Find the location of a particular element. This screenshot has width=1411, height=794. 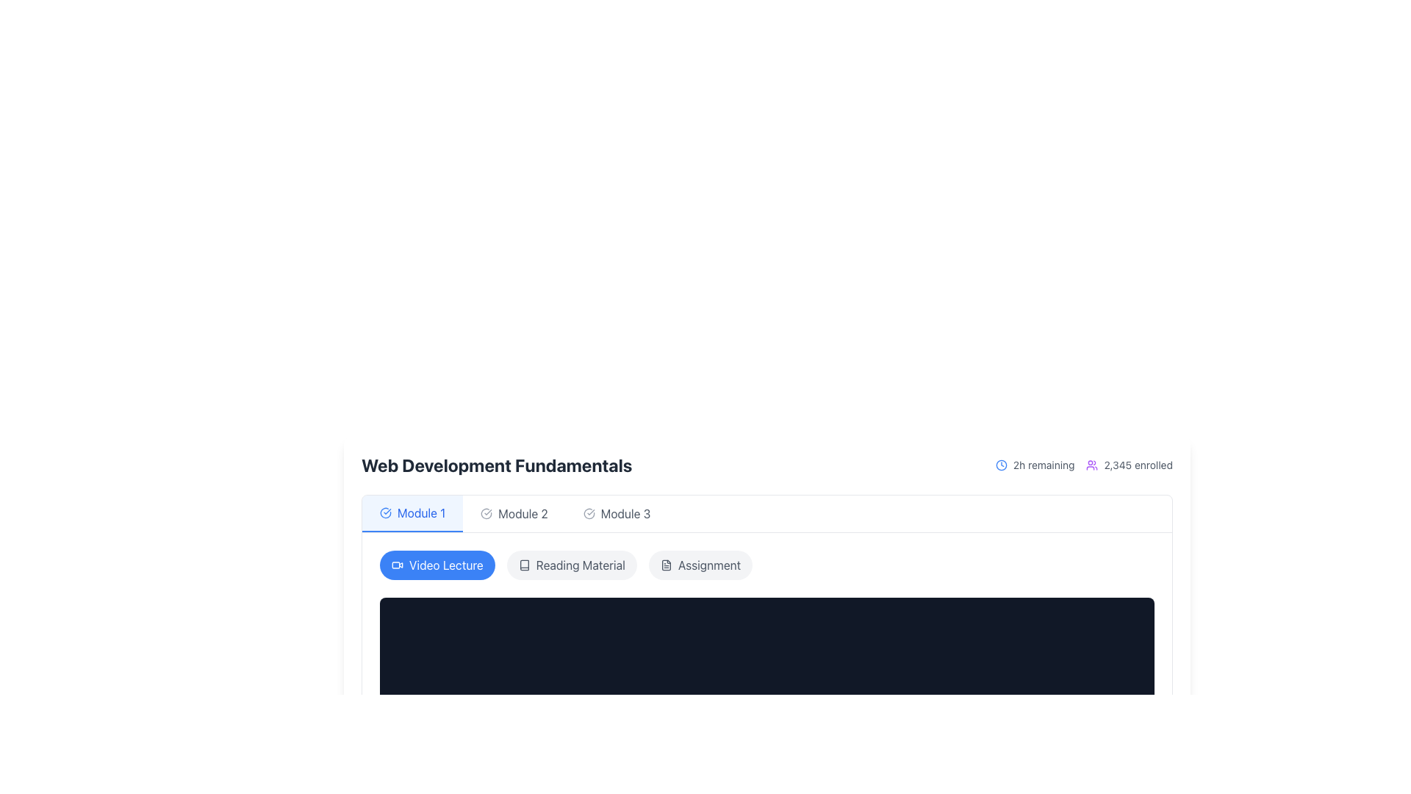

the first button labeled 'Video Lecture' is located at coordinates (437, 564).